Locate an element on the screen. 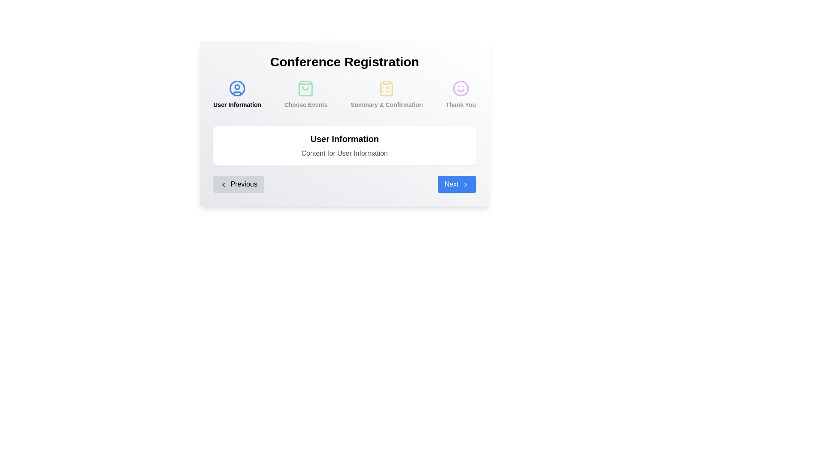 This screenshot has height=462, width=821. the individual steps of the progress bar located below the title 'Conference Registration' is located at coordinates (345, 97).